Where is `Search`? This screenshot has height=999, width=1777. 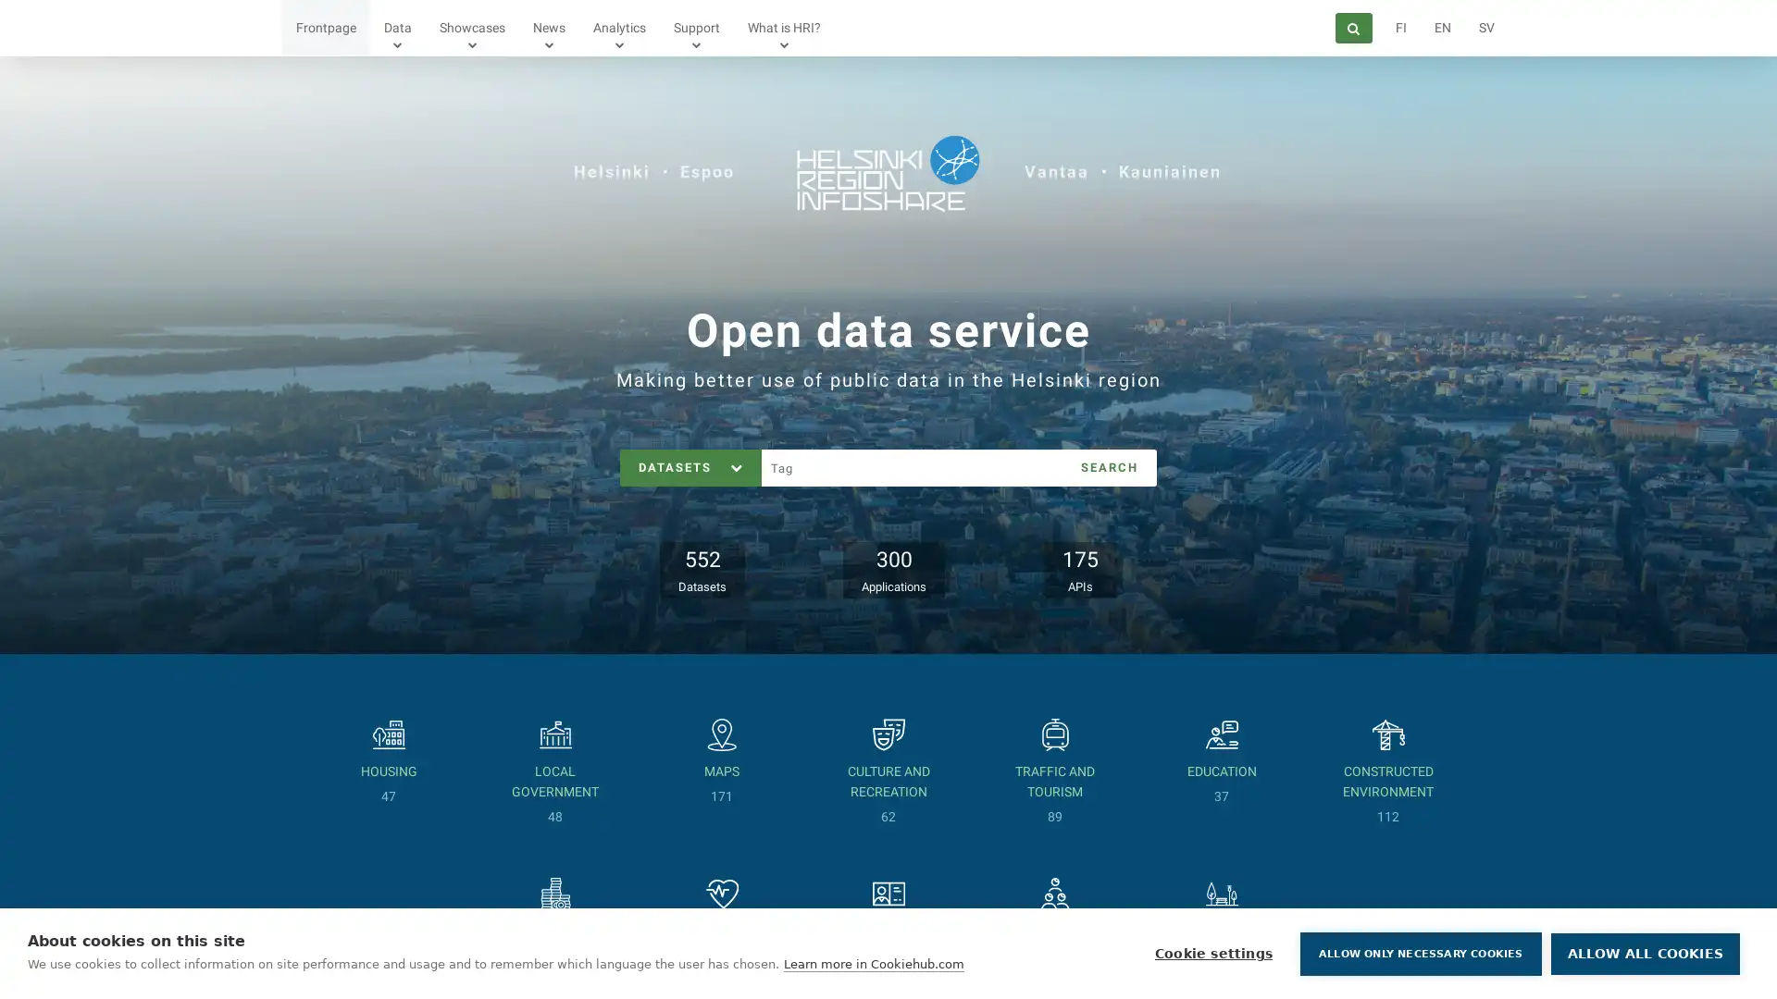
Search is located at coordinates (1353, 28).